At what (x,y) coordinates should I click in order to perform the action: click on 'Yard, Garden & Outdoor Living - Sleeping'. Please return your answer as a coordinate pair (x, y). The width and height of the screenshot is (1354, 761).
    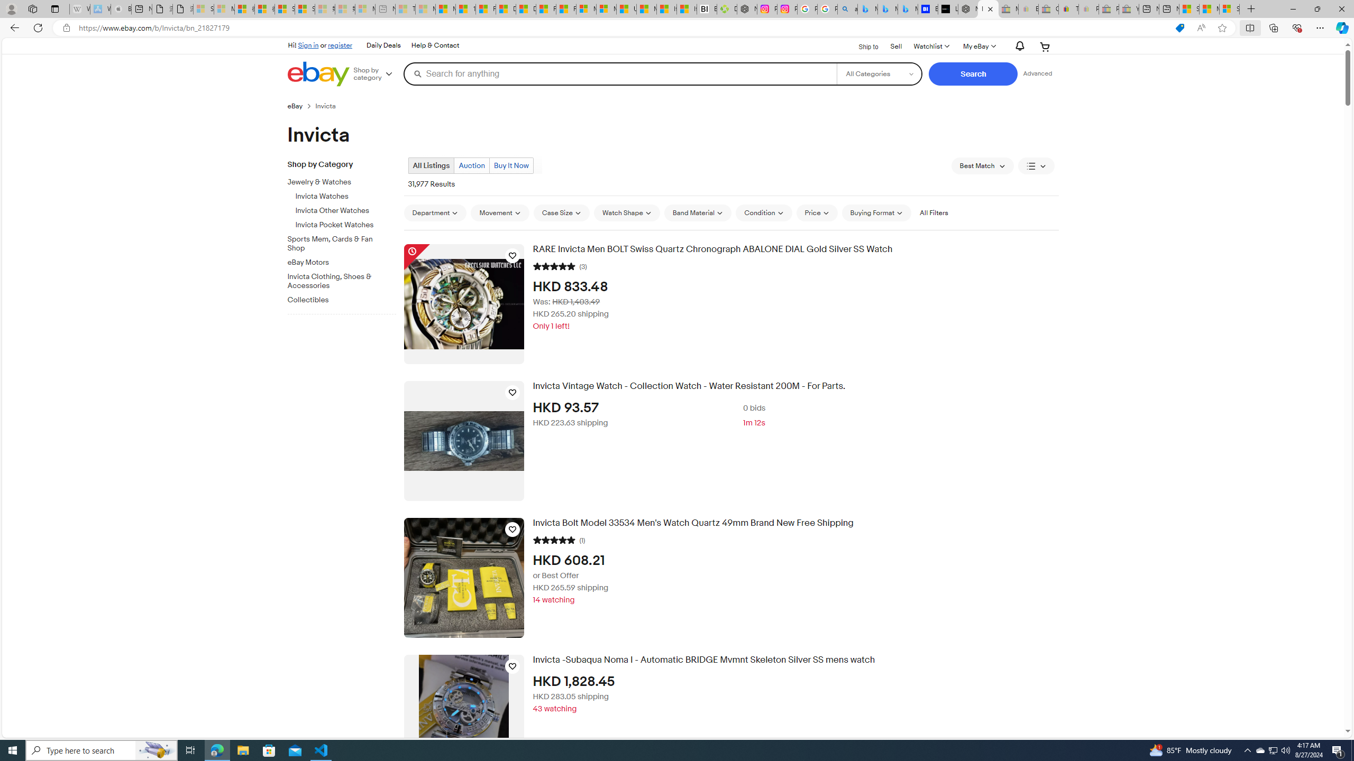
    Looking at the image, I should click on (1129, 8).